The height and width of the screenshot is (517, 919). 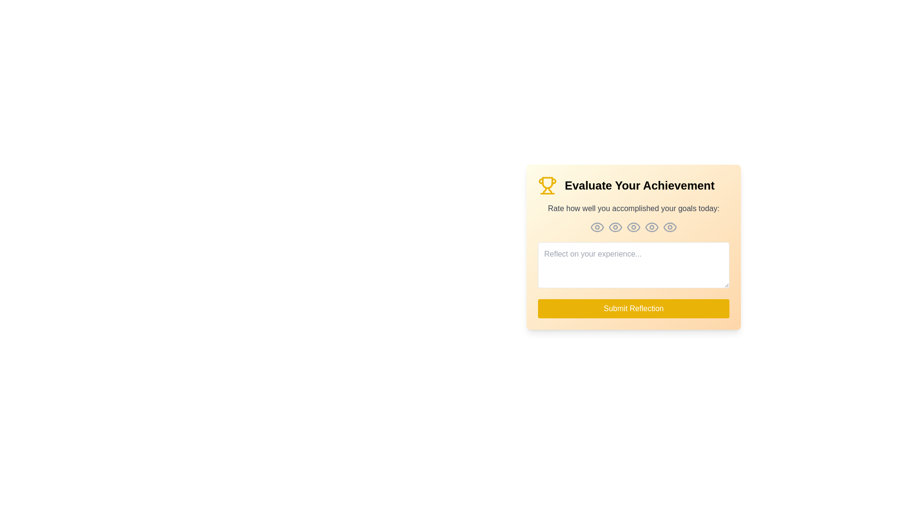 What do you see at coordinates (670, 227) in the screenshot?
I see `the eye icon corresponding to the rating level 5 to set the rating` at bounding box center [670, 227].